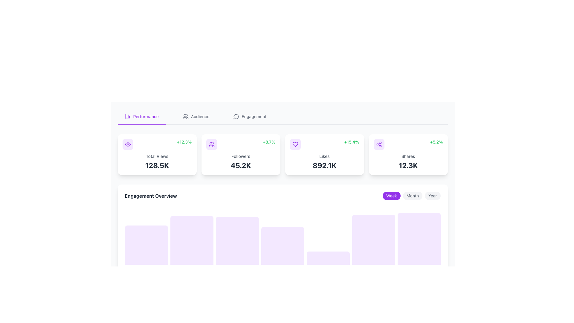  Describe the element at coordinates (185, 116) in the screenshot. I see `the icon depicting a group of two people, styled with a simple, modern line art design, located to the left of the text 'Audience' in the navigation bar` at that location.